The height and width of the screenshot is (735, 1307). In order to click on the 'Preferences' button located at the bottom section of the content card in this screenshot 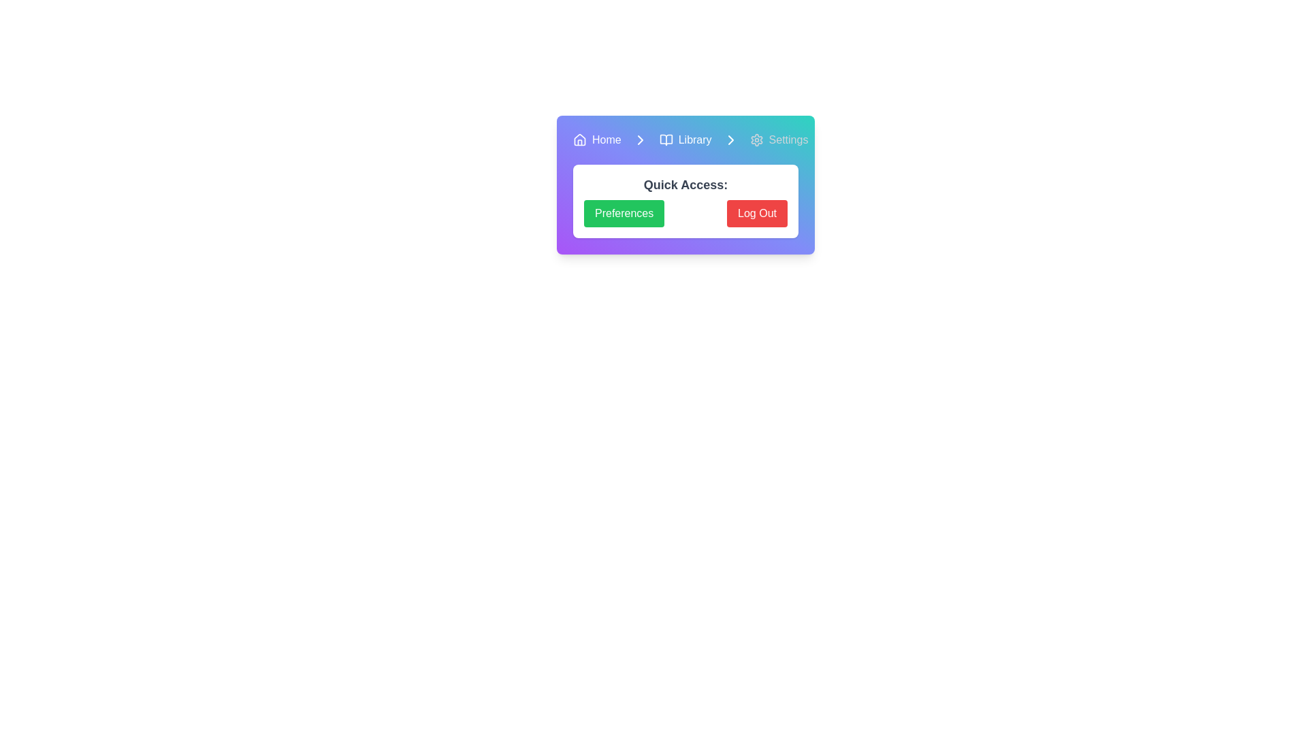, I will do `click(623, 213)`.